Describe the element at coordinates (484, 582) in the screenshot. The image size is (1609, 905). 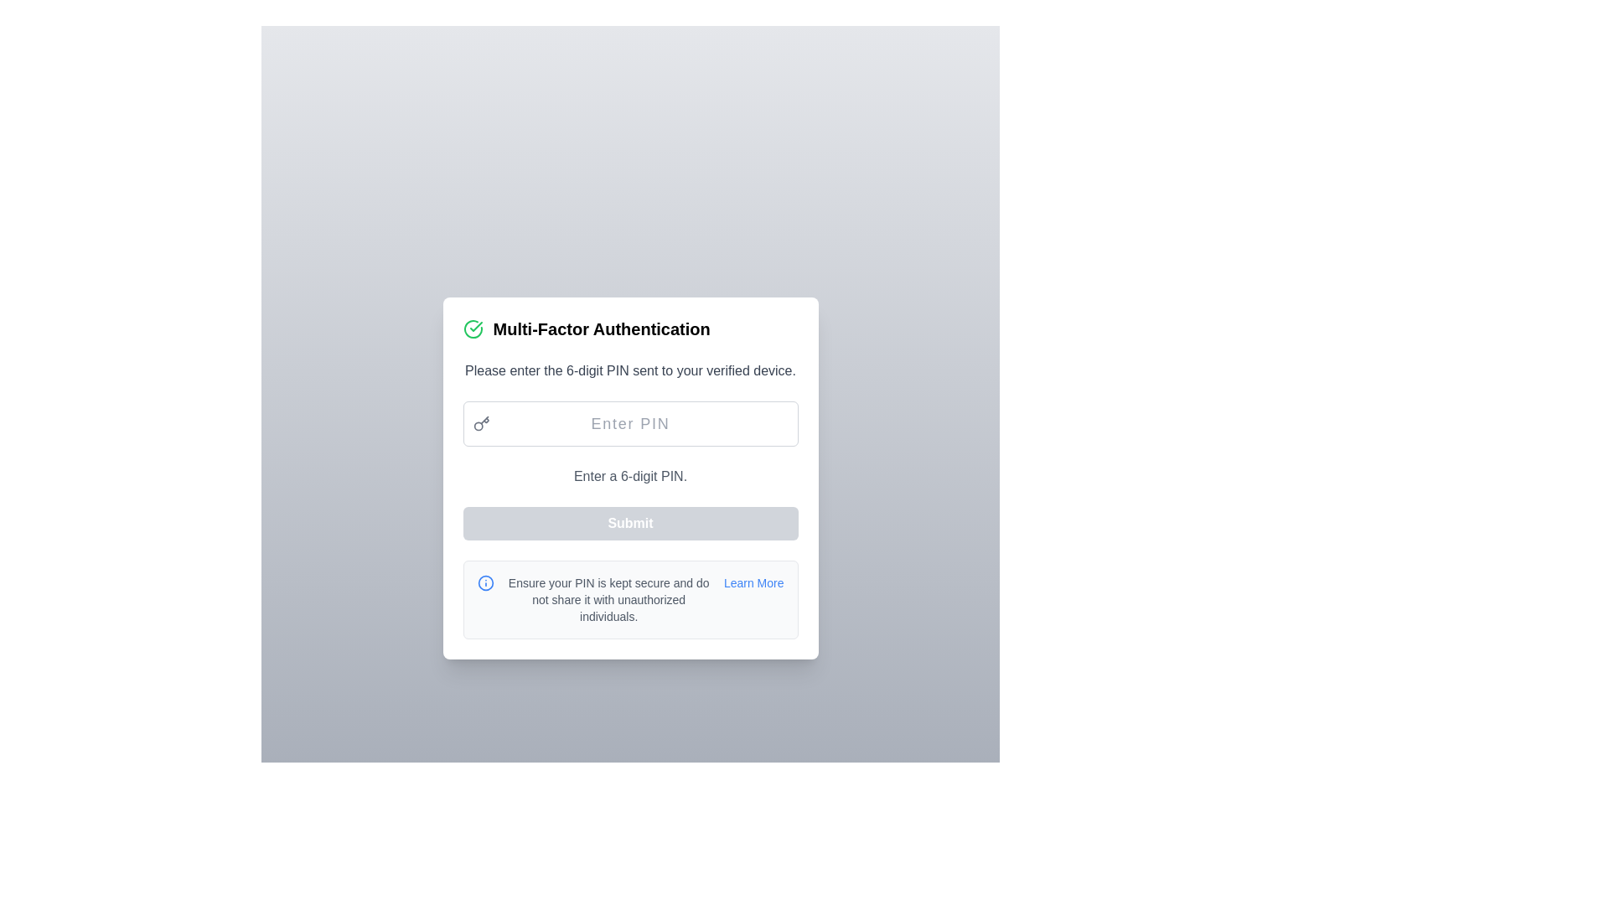
I see `the graphical circle element, which is part of the SVG icon located at the top-left corner of the authentication form section` at that location.